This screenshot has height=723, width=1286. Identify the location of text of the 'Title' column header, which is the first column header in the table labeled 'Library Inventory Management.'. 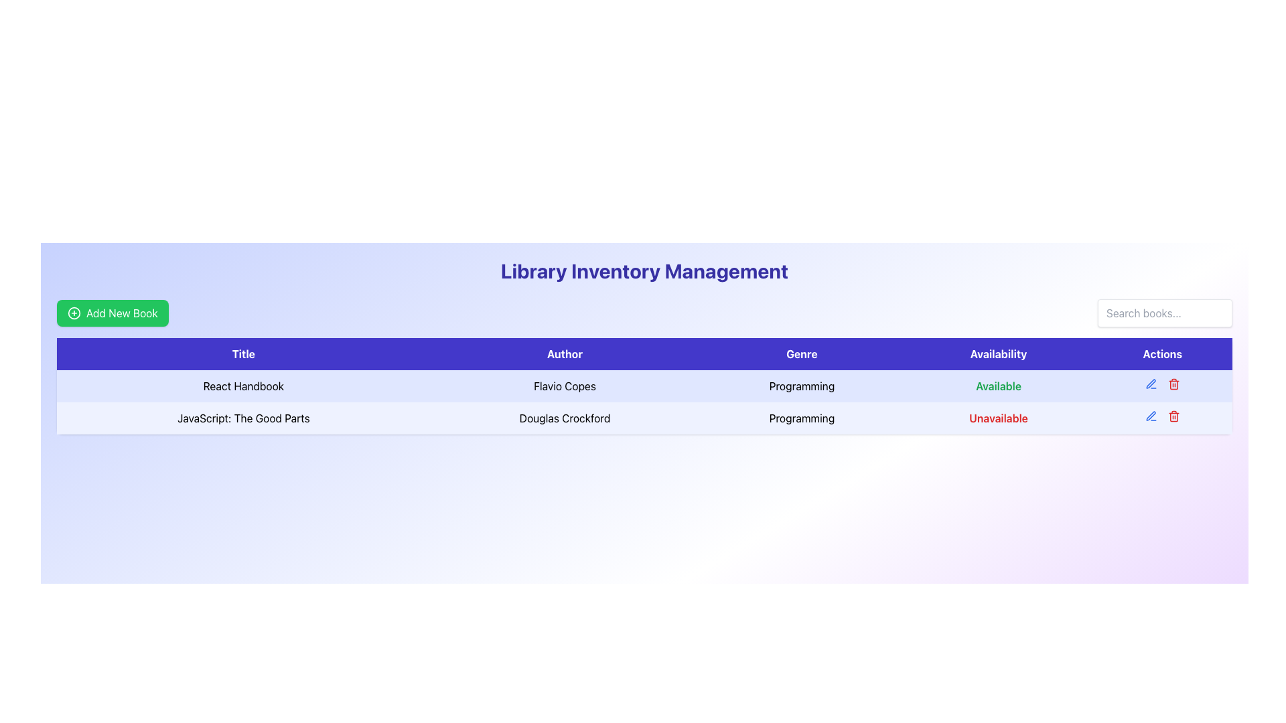
(243, 353).